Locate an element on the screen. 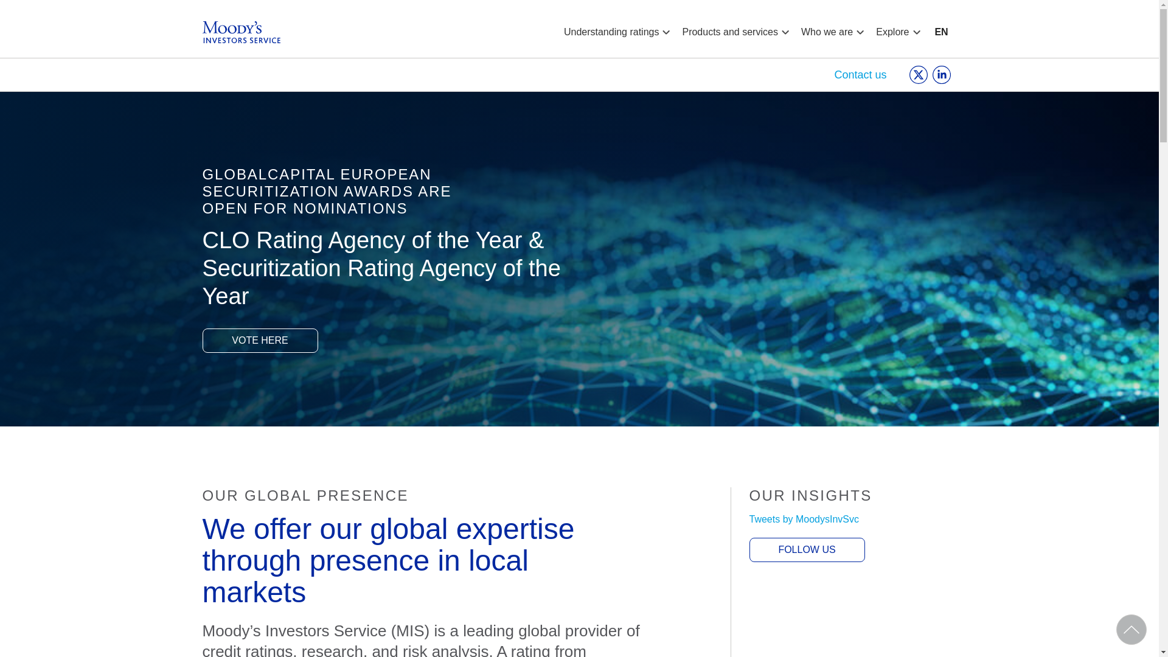 This screenshot has height=657, width=1168. 'FOLLOW US' is located at coordinates (807, 549).